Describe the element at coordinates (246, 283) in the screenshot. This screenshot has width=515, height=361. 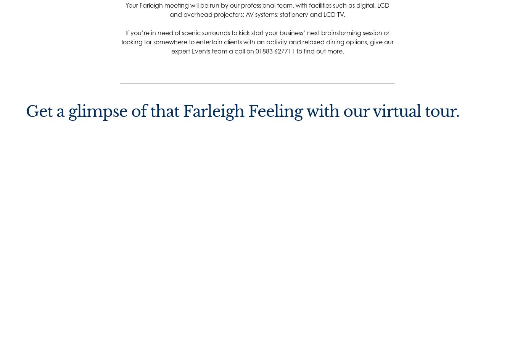
I see `'About Us'` at that location.